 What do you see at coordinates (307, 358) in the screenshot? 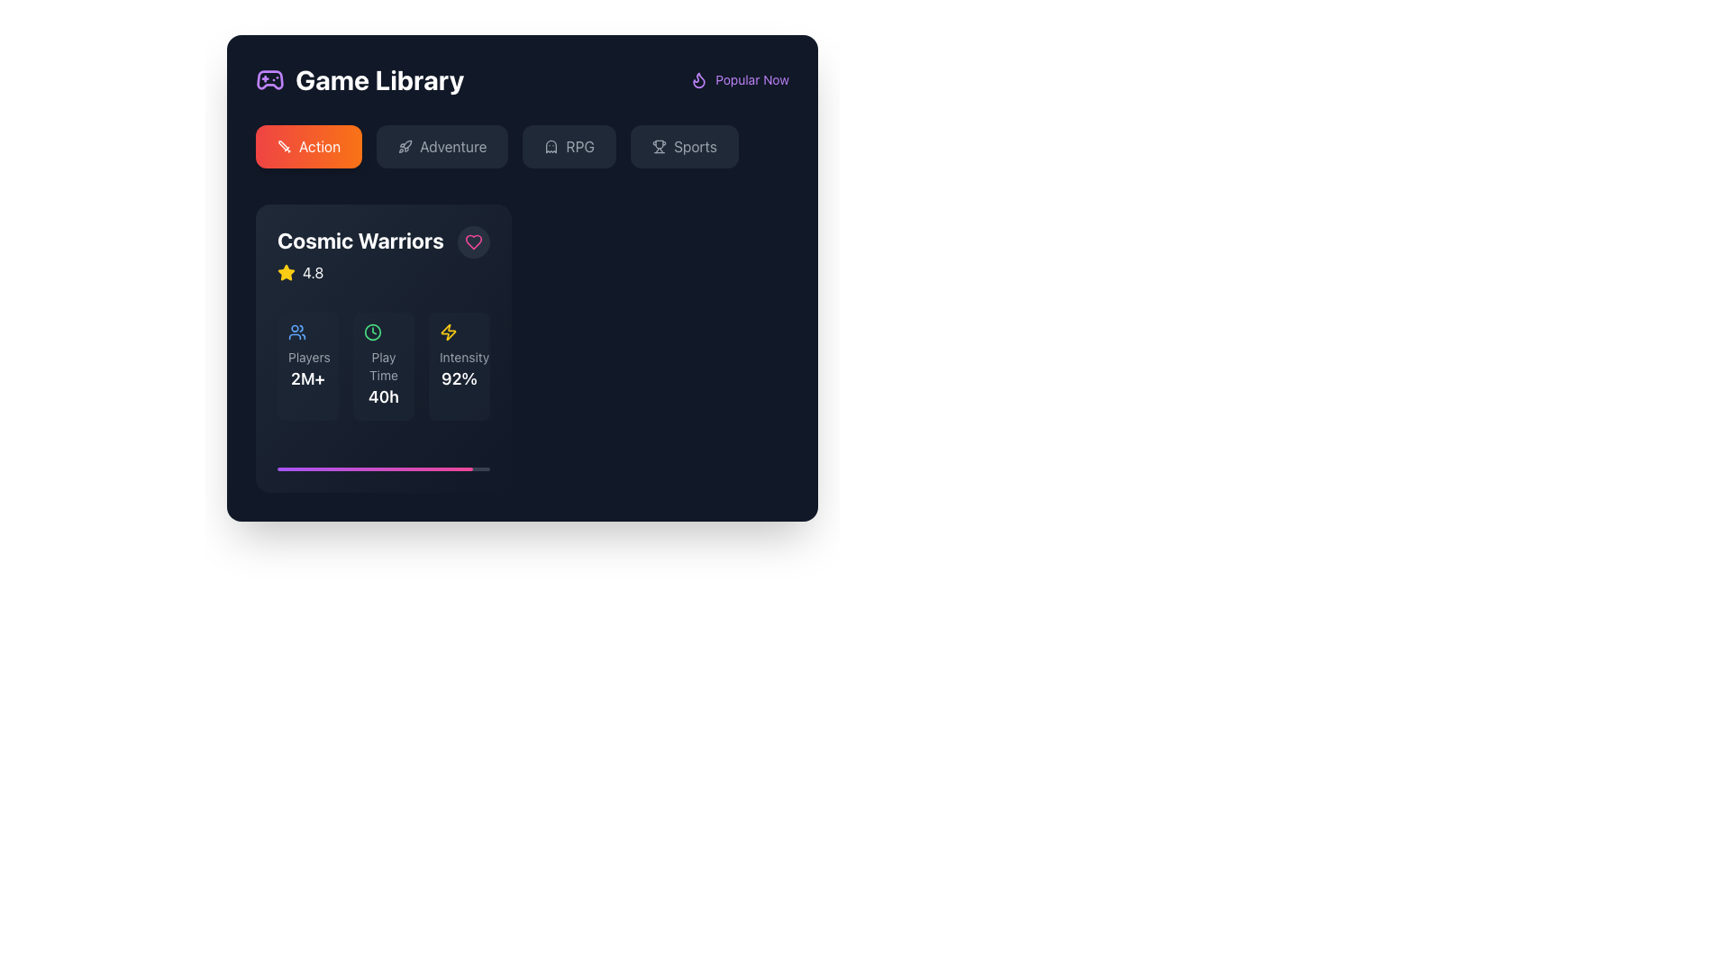
I see `the Text label located in the dark gray rounded box above the numeric value '2M+' and below the user icon, positioned in the leftmost section of a group of three sections` at bounding box center [307, 358].